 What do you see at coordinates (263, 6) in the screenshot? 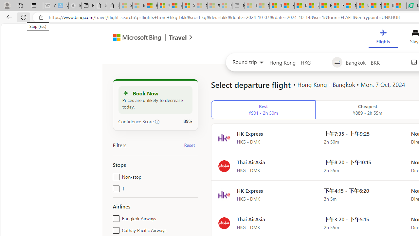
I see `'Marine life - MSN - Sleeping'` at bounding box center [263, 6].